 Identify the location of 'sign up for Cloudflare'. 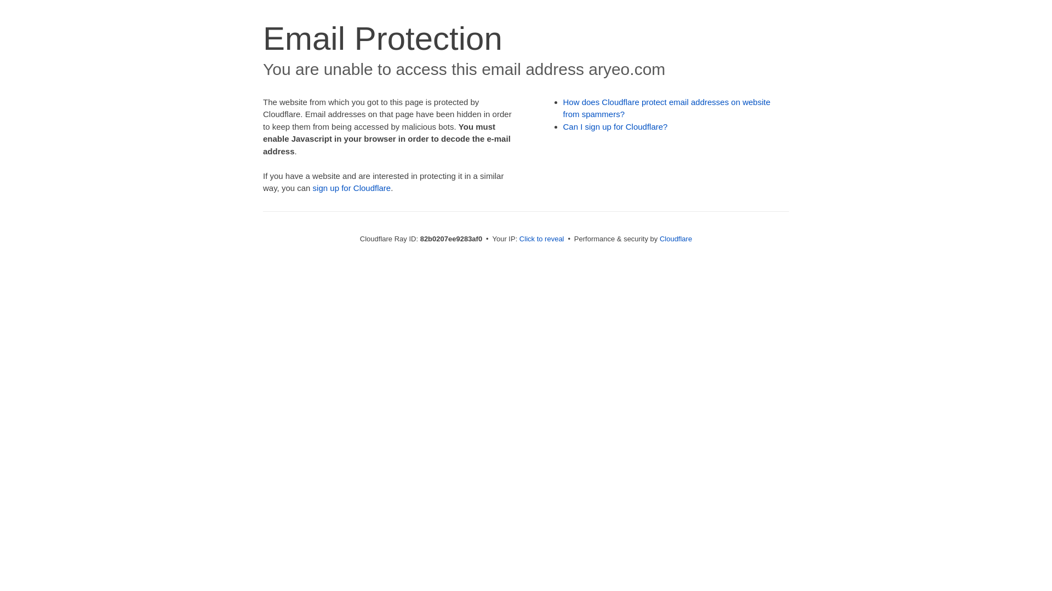
(312, 187).